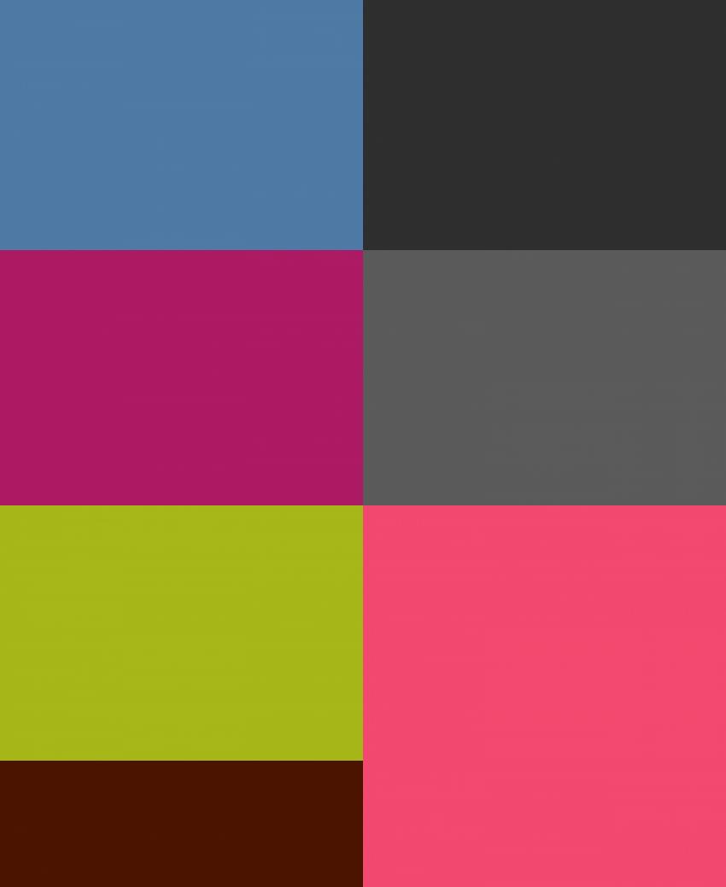 This screenshot has height=887, width=726. Describe the element at coordinates (542, 632) in the screenshot. I see `'Image With Sidebar'` at that location.